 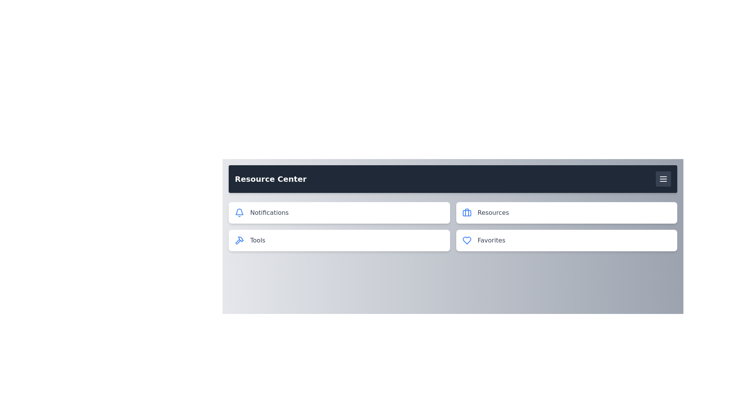 What do you see at coordinates (567, 213) in the screenshot?
I see `the Resources menu item` at bounding box center [567, 213].